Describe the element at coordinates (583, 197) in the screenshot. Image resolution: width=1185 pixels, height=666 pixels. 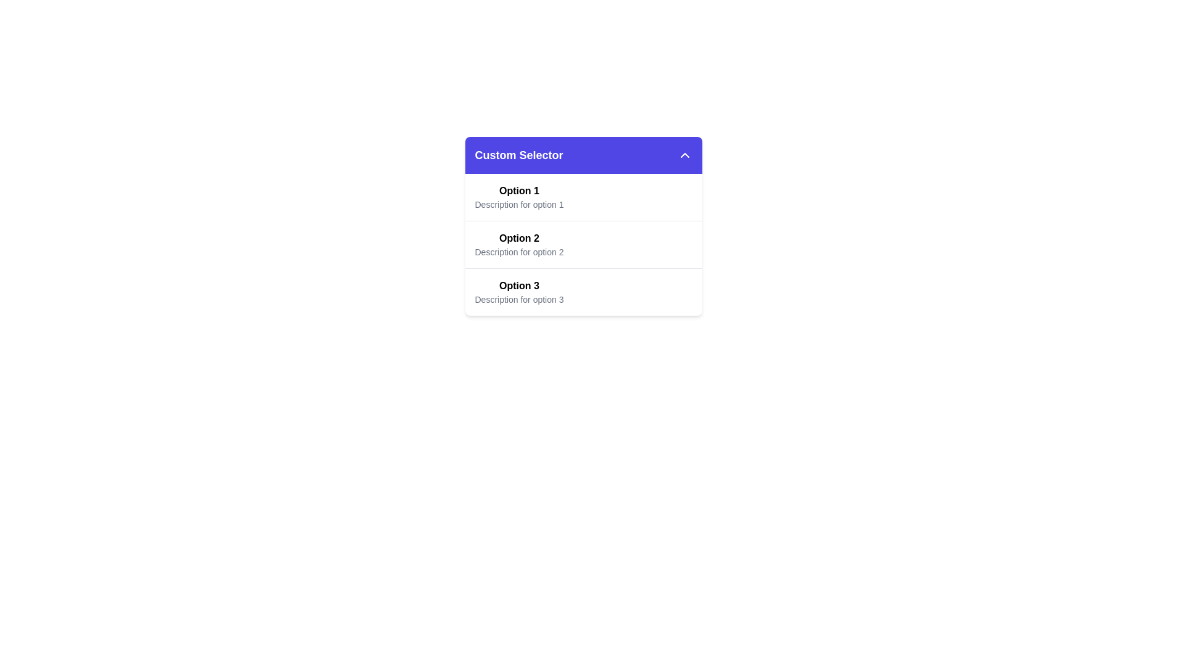
I see `the first selectable list item titled 'Option 1' with the description 'Description for option 1'` at that location.